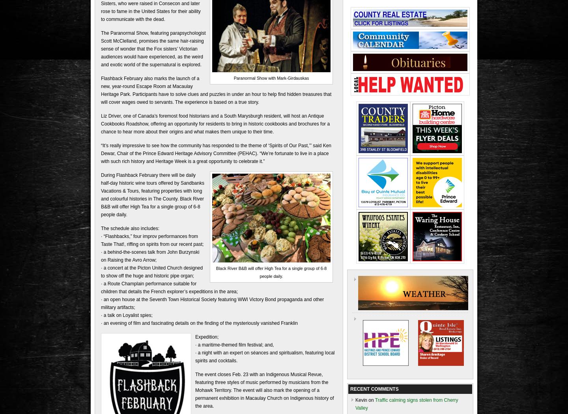 Image resolution: width=568 pixels, height=414 pixels. I want to click on '“It’s really impressive to see how the community has responded to the theme of ‘Spirits of Our Past,’” said Ken Dewar, Chair of the Prince Edward Heritage Advisory Committee (PEHAC). “We’re fortunate to live in a place with such rich history and Heritage Week is a great opportunity to celebrate it.”', so click(216, 153).